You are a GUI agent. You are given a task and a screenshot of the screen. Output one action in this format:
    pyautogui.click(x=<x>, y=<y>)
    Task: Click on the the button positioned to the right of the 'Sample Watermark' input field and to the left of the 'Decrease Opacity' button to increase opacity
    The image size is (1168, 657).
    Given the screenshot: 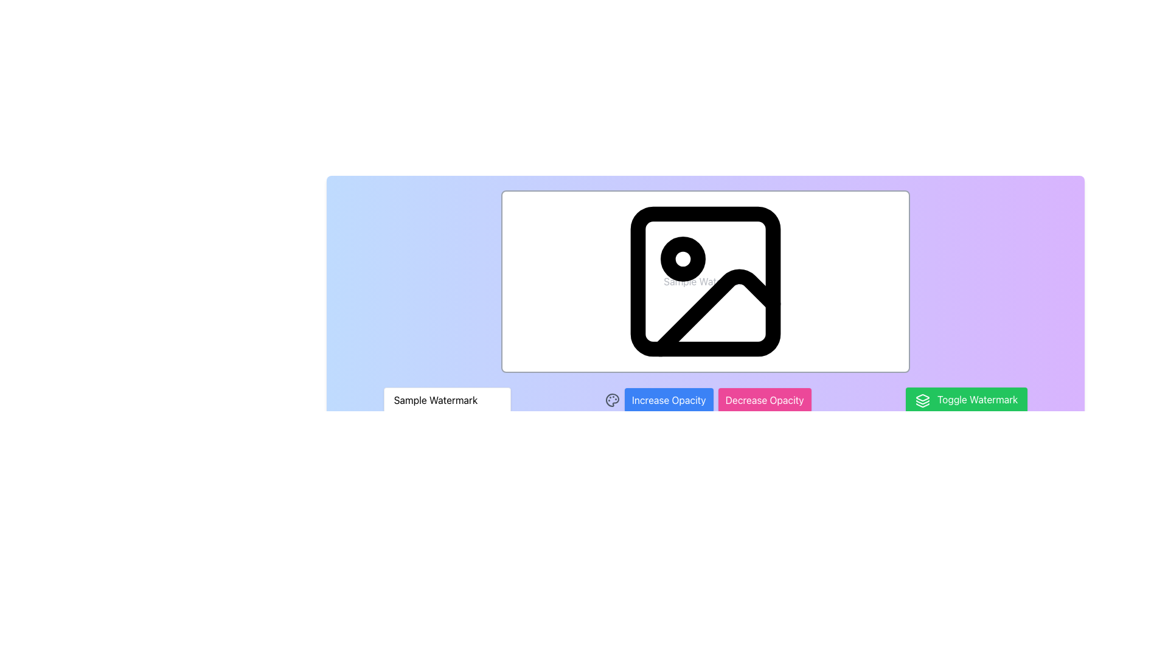 What is the action you would take?
    pyautogui.click(x=706, y=400)
    